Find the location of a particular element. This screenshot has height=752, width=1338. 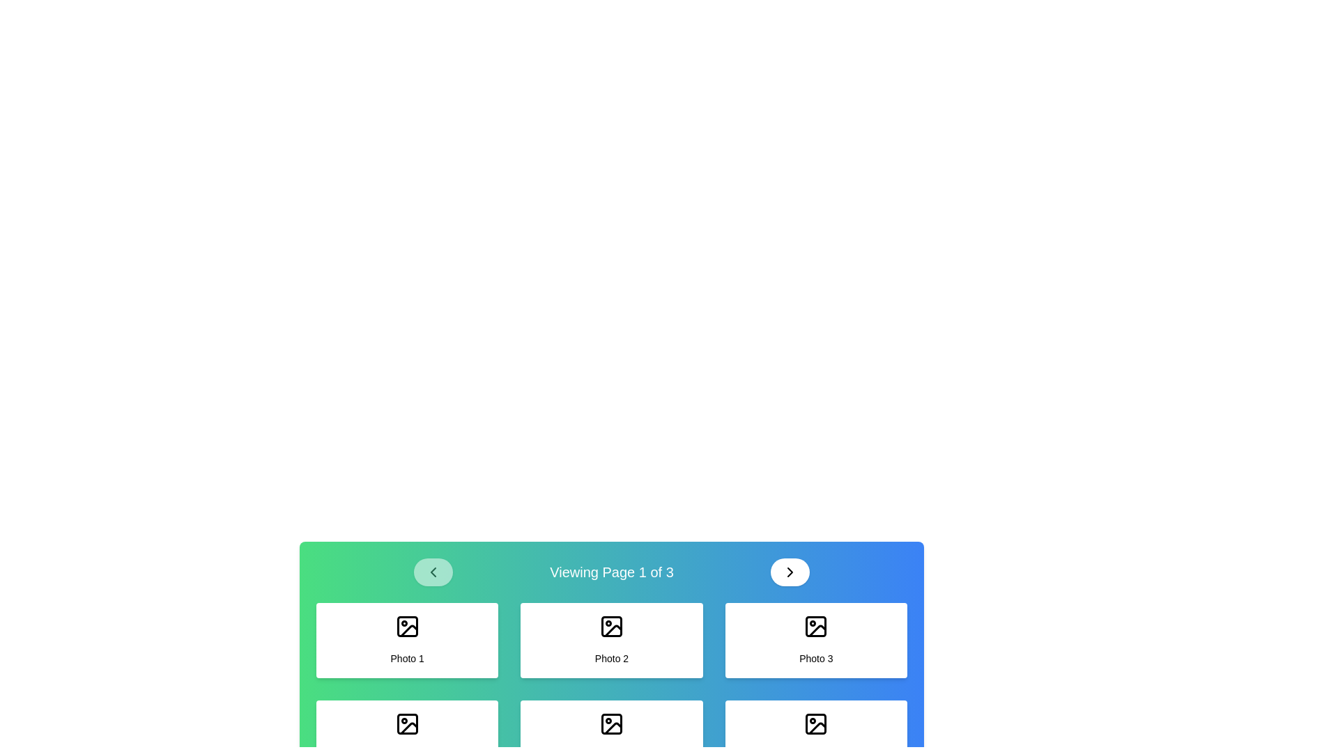

the icon representing the sun and mountain, located centrally above the text label in the 'Photo 1' card is located at coordinates (406, 625).